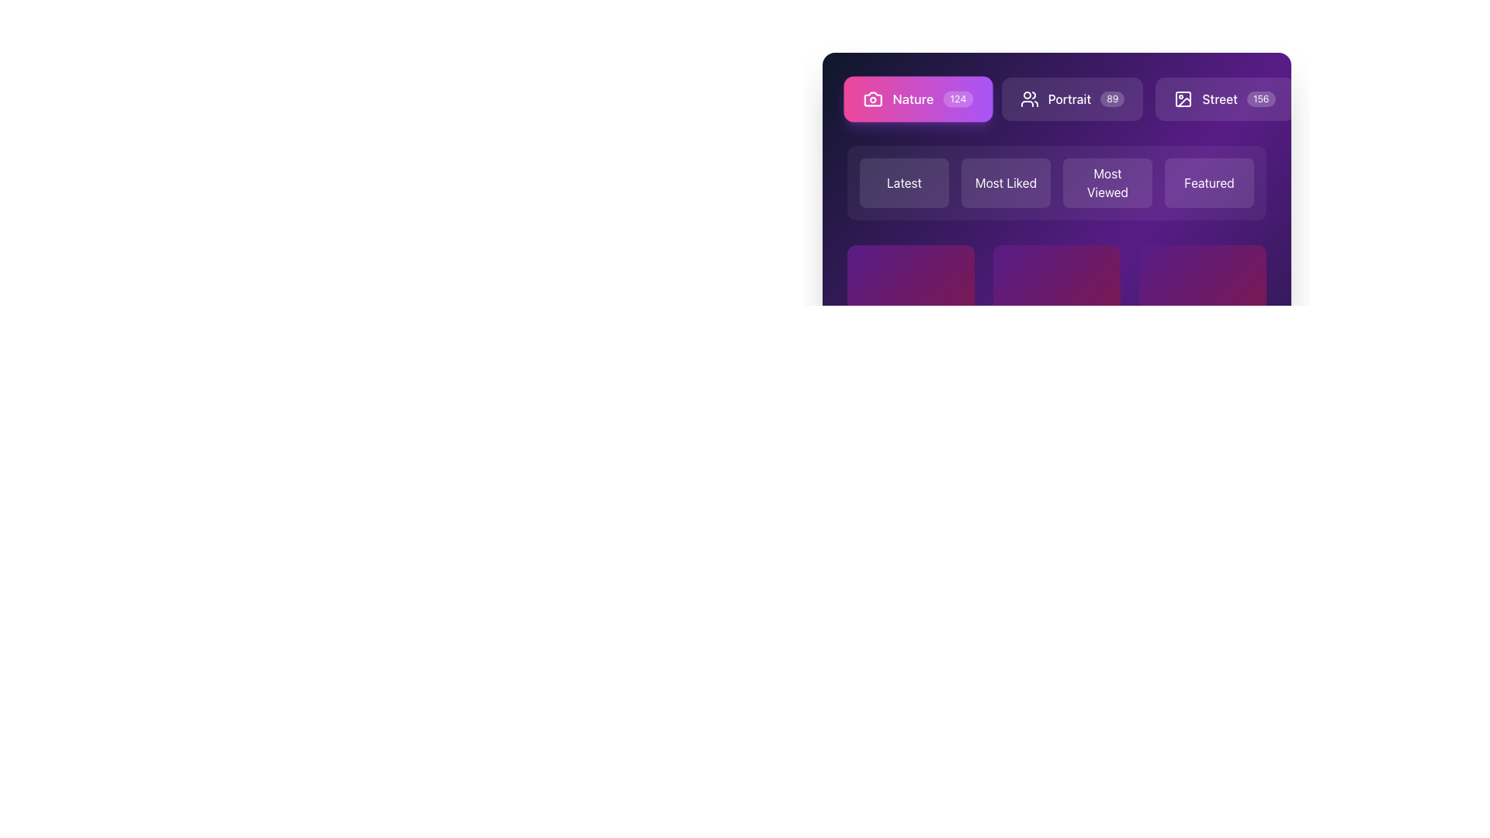 The image size is (1490, 838). Describe the element at coordinates (1107, 182) in the screenshot. I see `the 'Most Viewed' button, which is the third button in a row of four` at that location.